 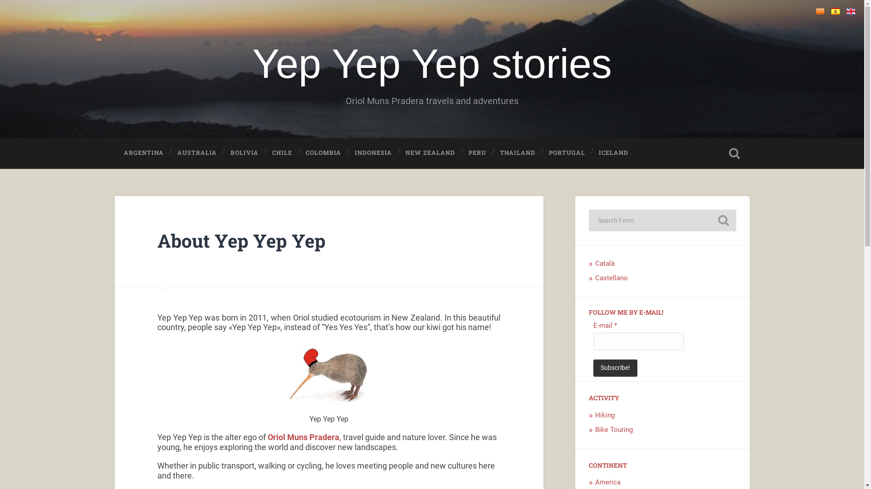 What do you see at coordinates (607, 481) in the screenshot?
I see `'America'` at bounding box center [607, 481].